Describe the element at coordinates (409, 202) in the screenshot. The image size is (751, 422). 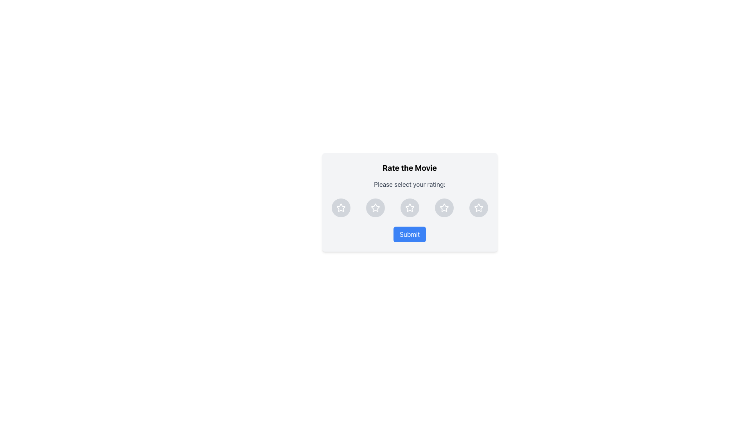
I see `the star rating icons within the rating and submission interface to confirm the user's selection` at that location.